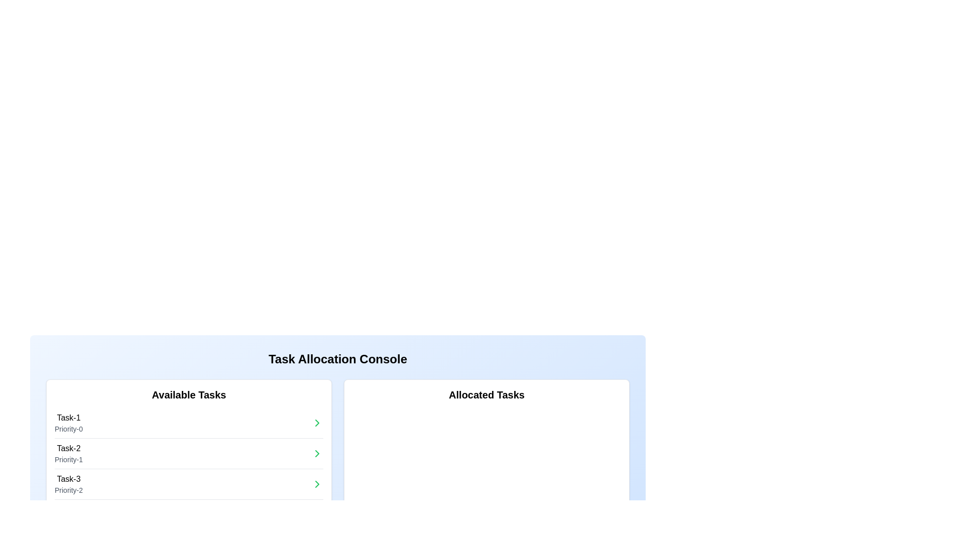 This screenshot has height=542, width=964. Describe the element at coordinates (68, 479) in the screenshot. I see `text label displaying 'Task-3' in the 'Available Tasks' section, which is located in the third row of the list` at that location.